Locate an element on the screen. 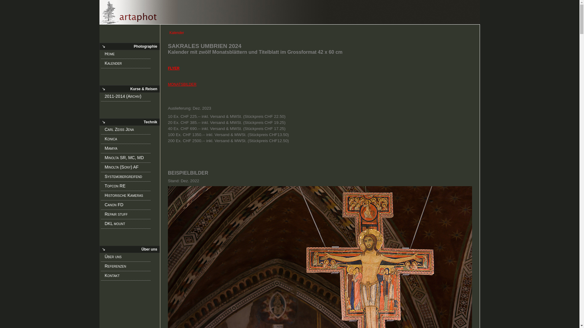 This screenshot has width=584, height=328. 'Minolta (Sony) AF' is located at coordinates (127, 168).